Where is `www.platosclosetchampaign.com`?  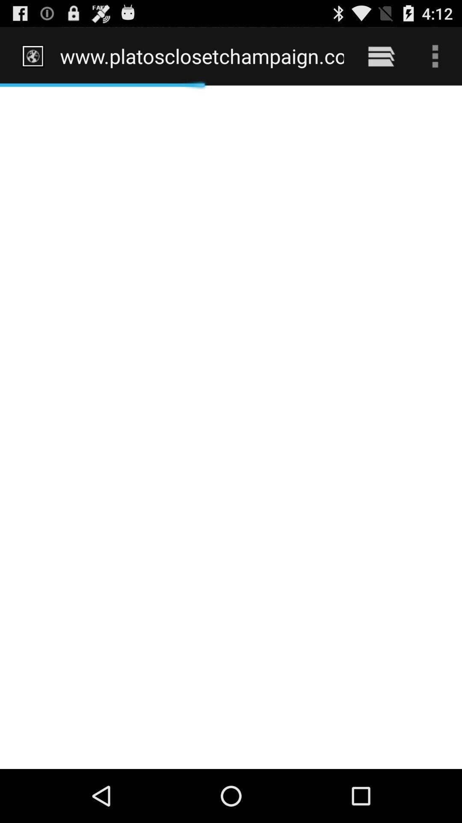
www.platosclosetchampaign.com is located at coordinates (202, 56).